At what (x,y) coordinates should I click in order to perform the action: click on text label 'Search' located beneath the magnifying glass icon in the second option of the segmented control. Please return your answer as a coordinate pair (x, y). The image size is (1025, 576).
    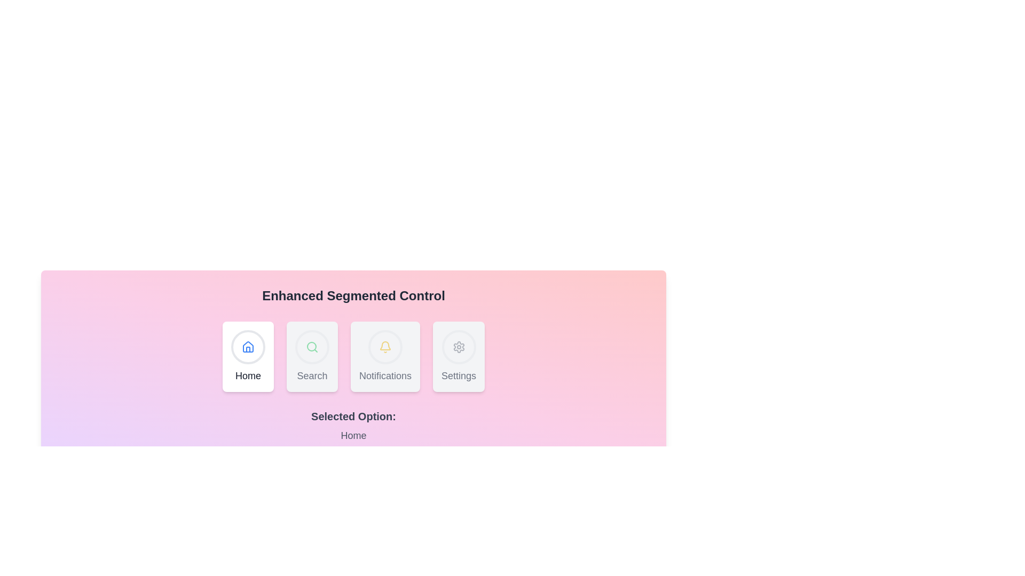
    Looking at the image, I should click on (312, 375).